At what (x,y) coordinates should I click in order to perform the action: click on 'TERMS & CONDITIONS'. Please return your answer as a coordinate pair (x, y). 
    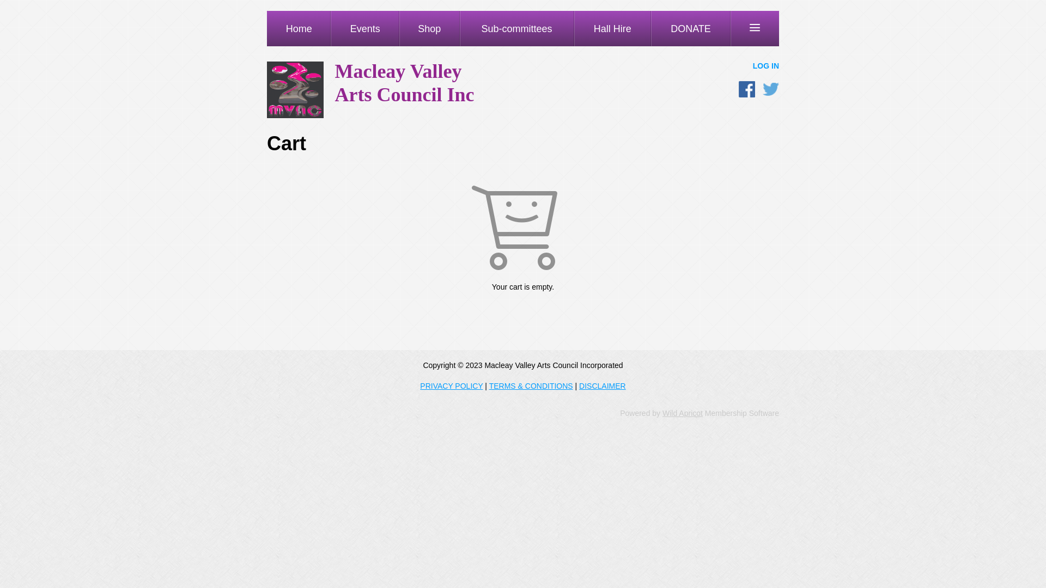
    Looking at the image, I should click on (531, 385).